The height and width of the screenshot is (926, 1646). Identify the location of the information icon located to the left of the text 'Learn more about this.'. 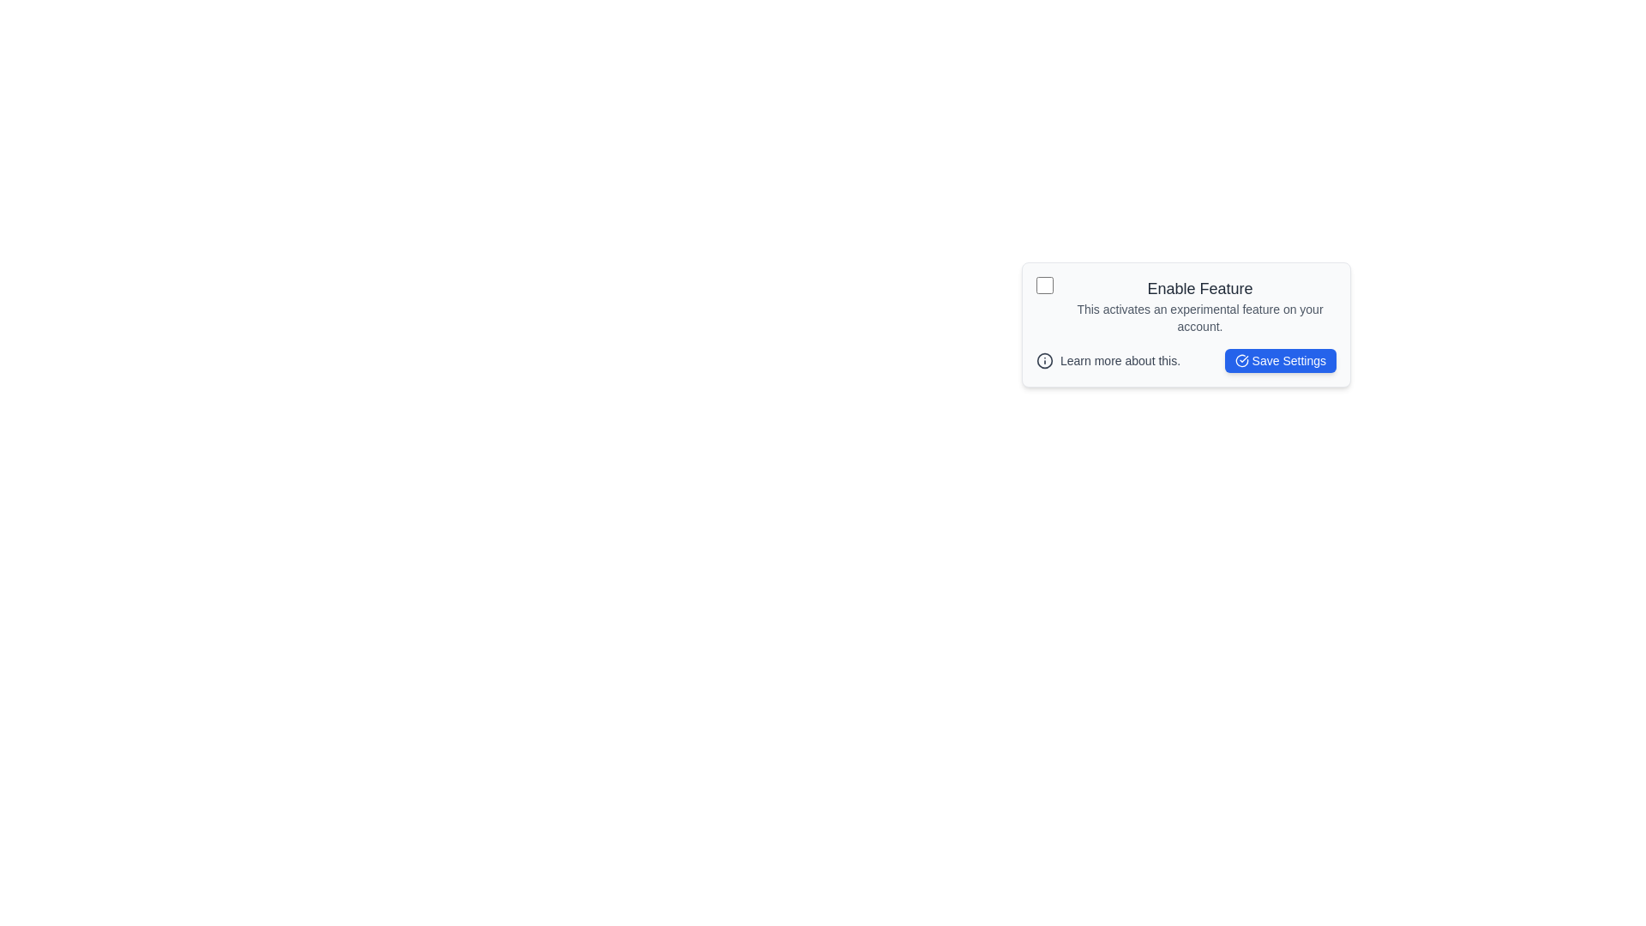
(1044, 359).